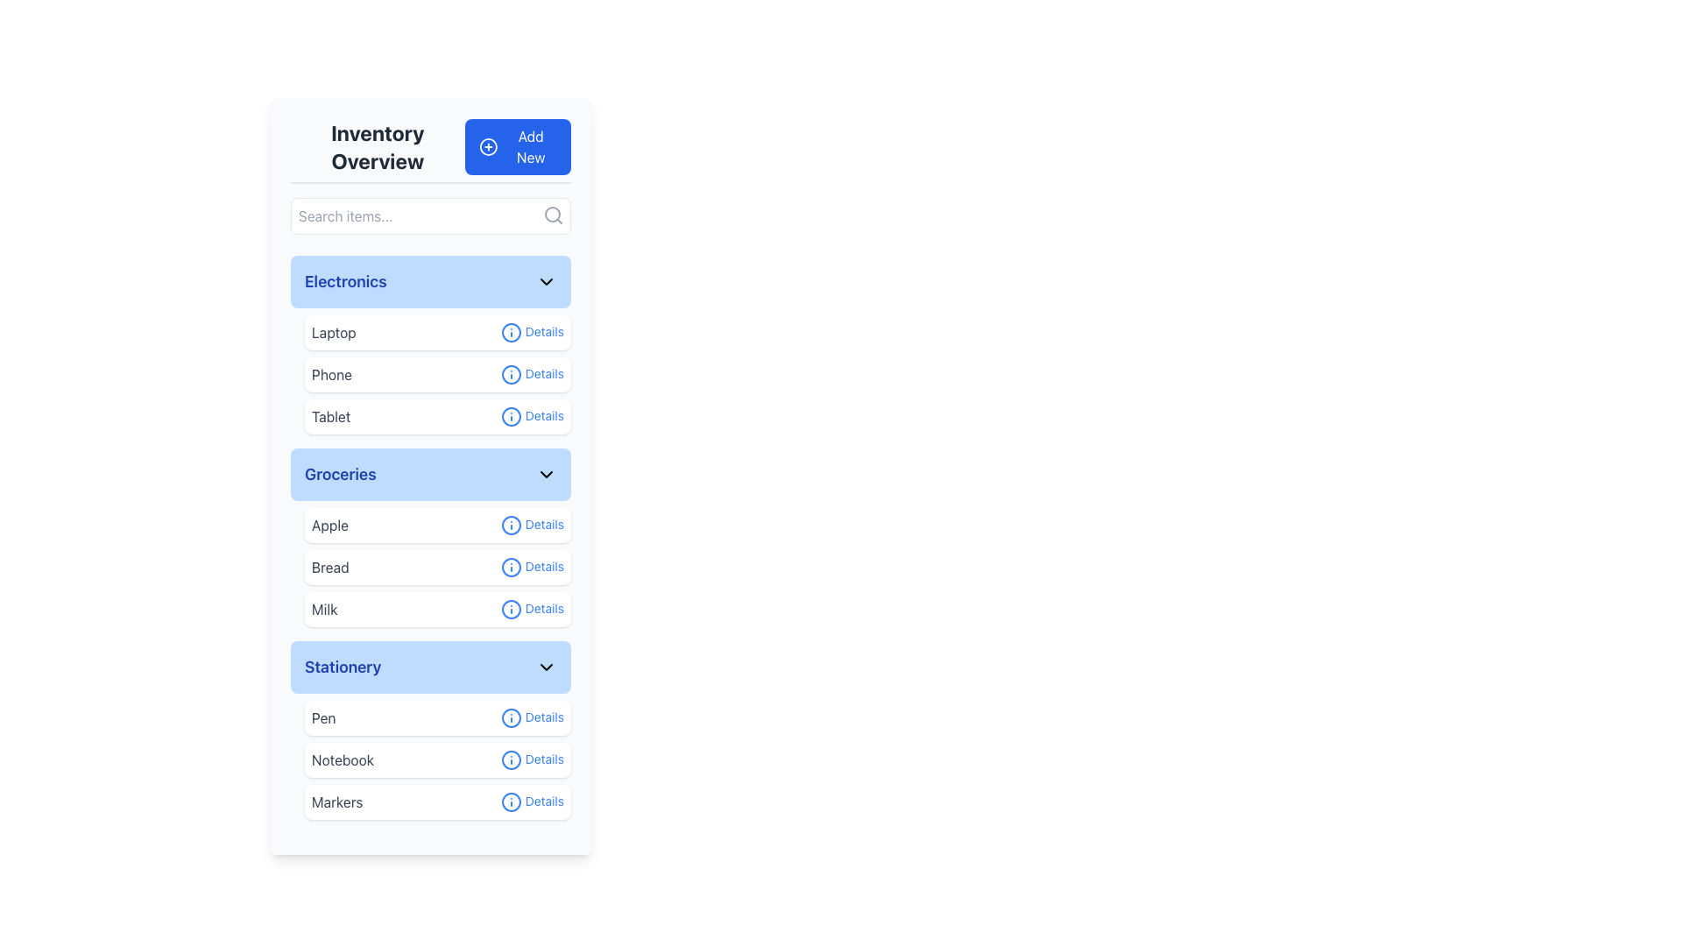 The image size is (1682, 946). I want to click on the circular graphic icon representing details for the 'Pen' item in the 'Stationery' section, so click(510, 718).